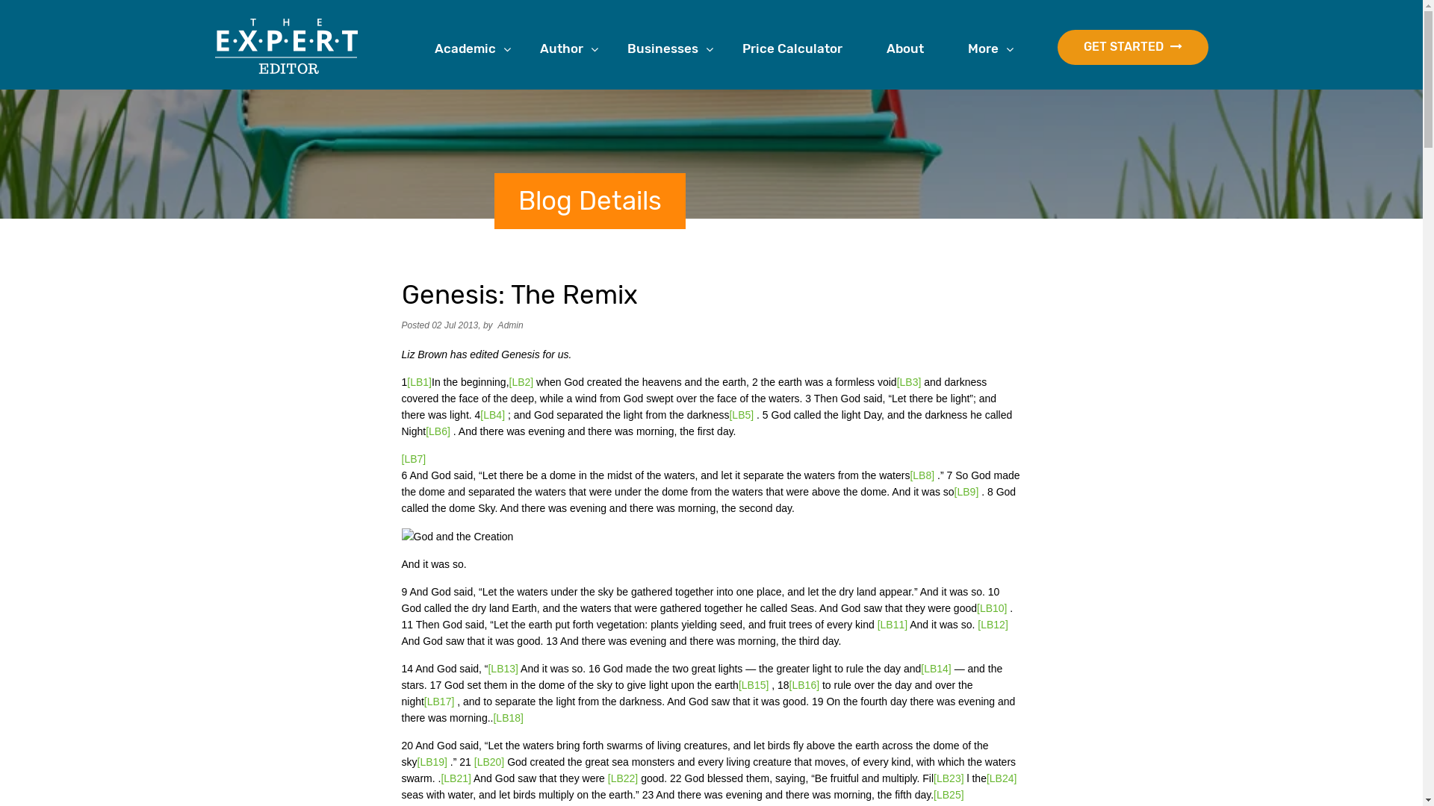 The image size is (1434, 806). I want to click on 'Academic', so click(470, 49).